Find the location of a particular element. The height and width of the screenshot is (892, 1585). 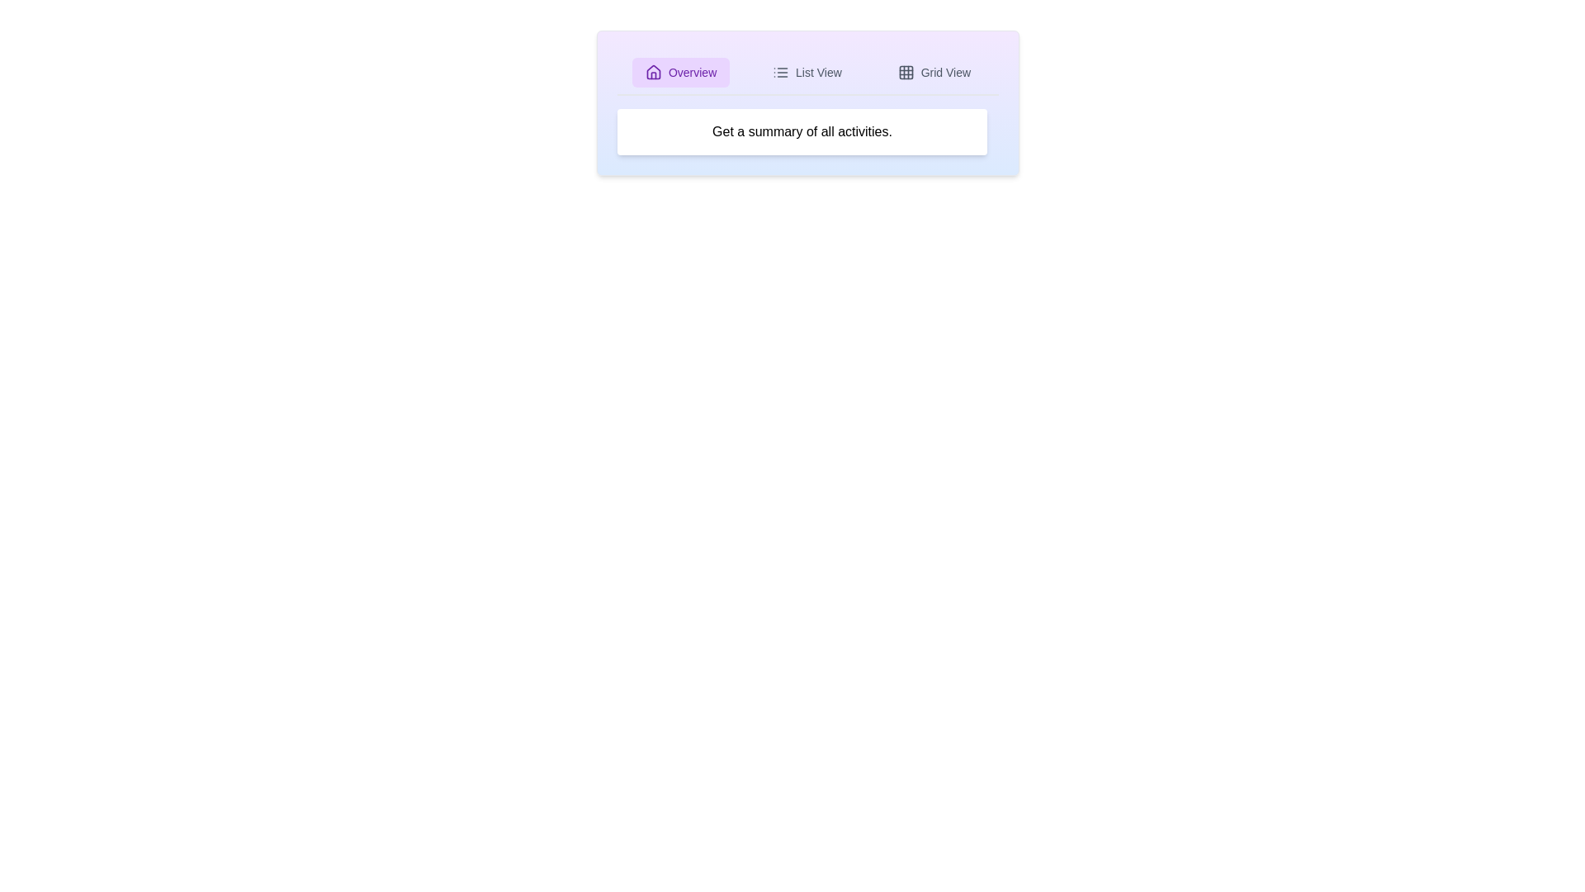

the List View tab by clicking on the respective tab button is located at coordinates (807, 72).